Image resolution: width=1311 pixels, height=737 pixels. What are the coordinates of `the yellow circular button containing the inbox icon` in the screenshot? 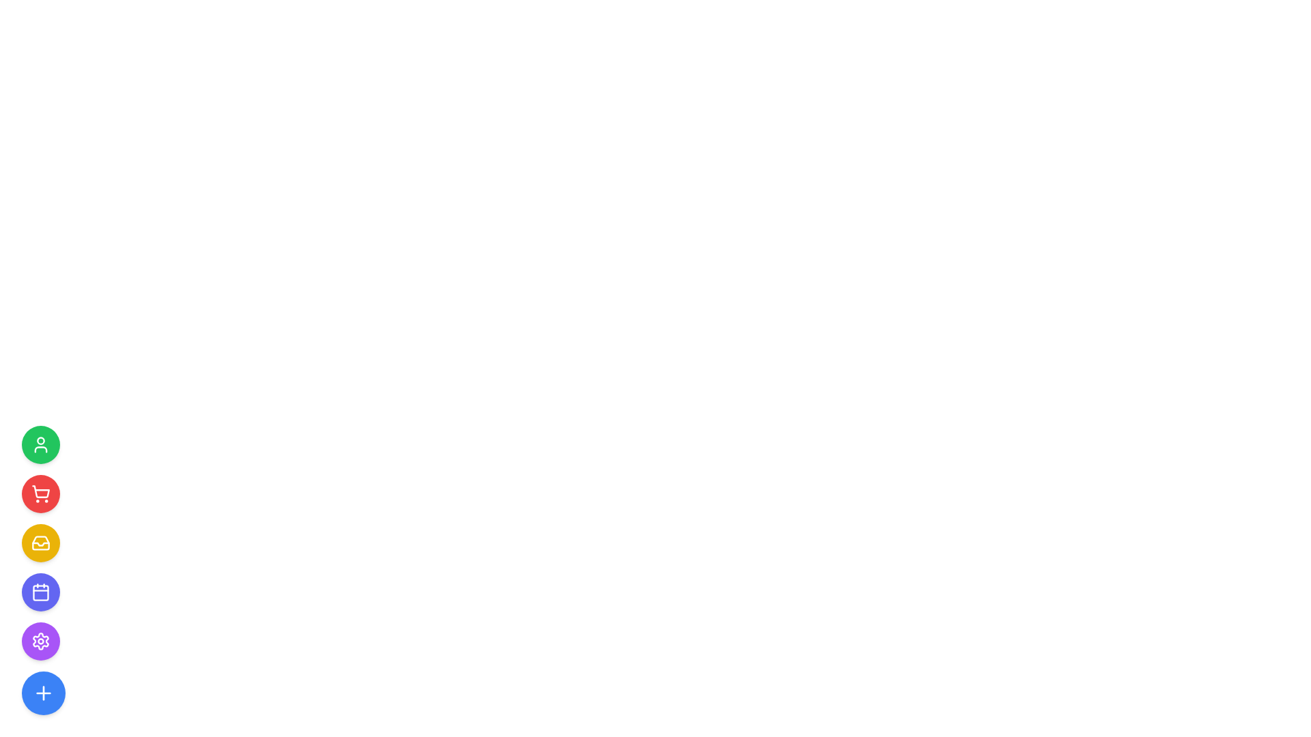 It's located at (40, 542).